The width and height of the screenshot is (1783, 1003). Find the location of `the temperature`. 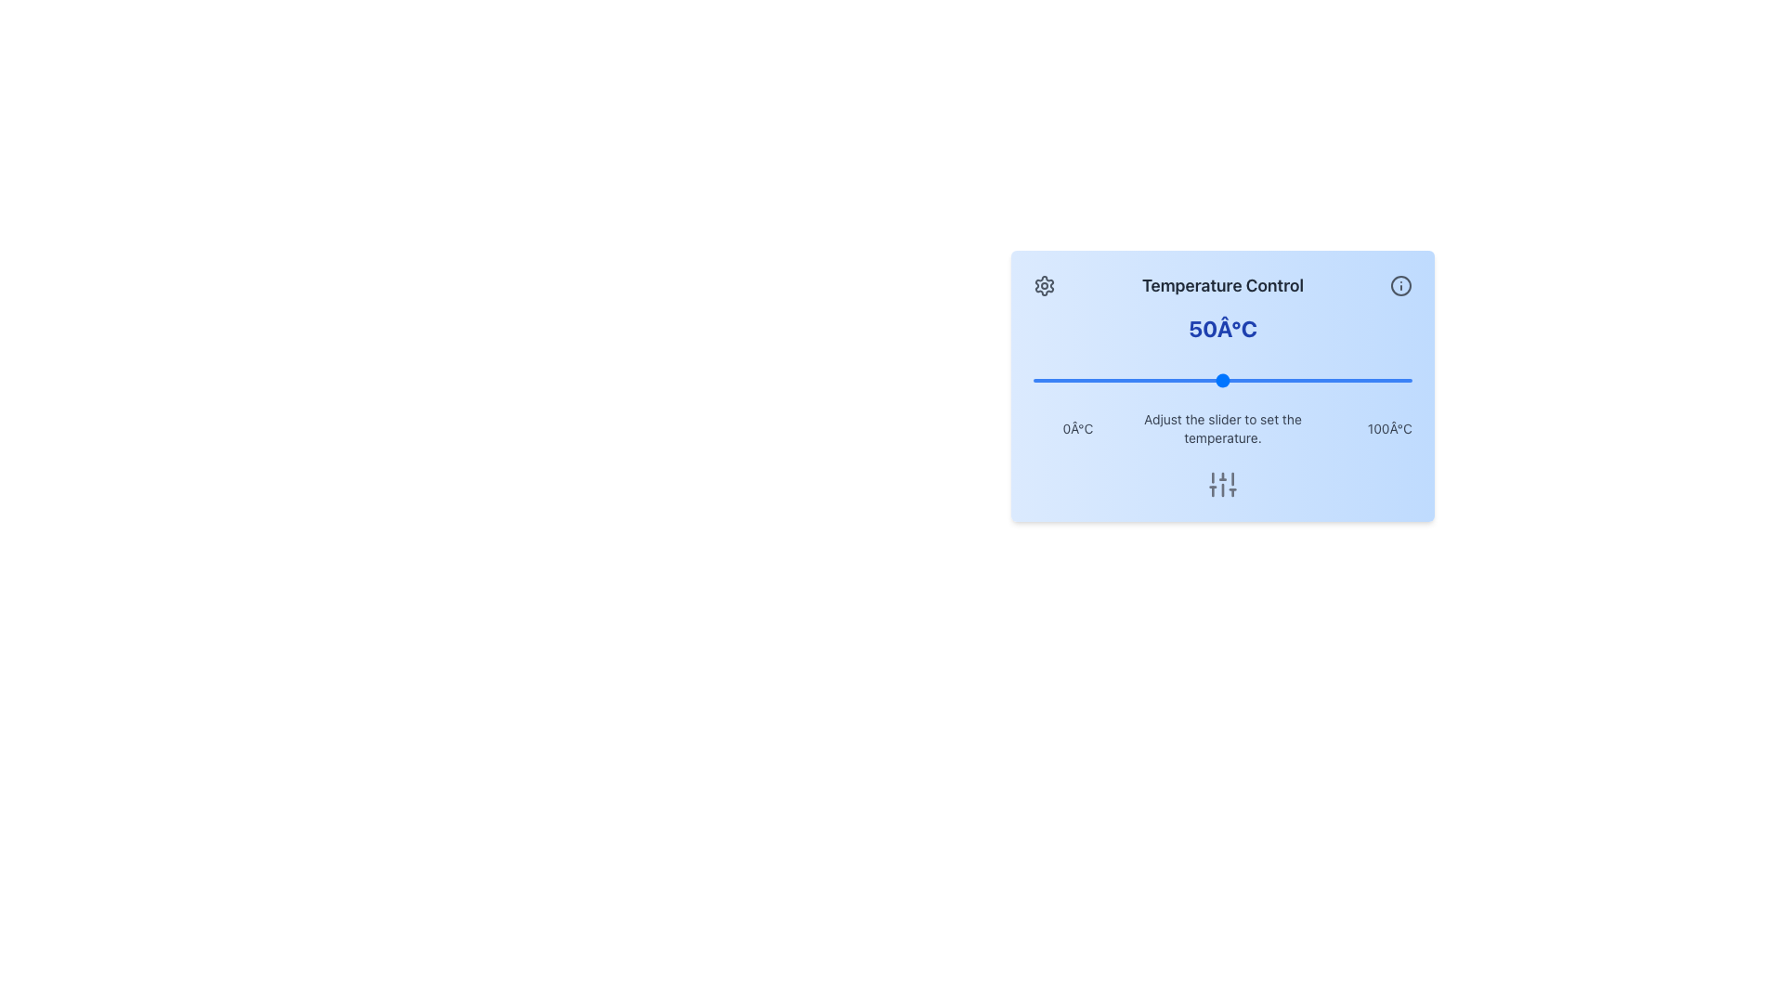

the temperature is located at coordinates (1045, 379).